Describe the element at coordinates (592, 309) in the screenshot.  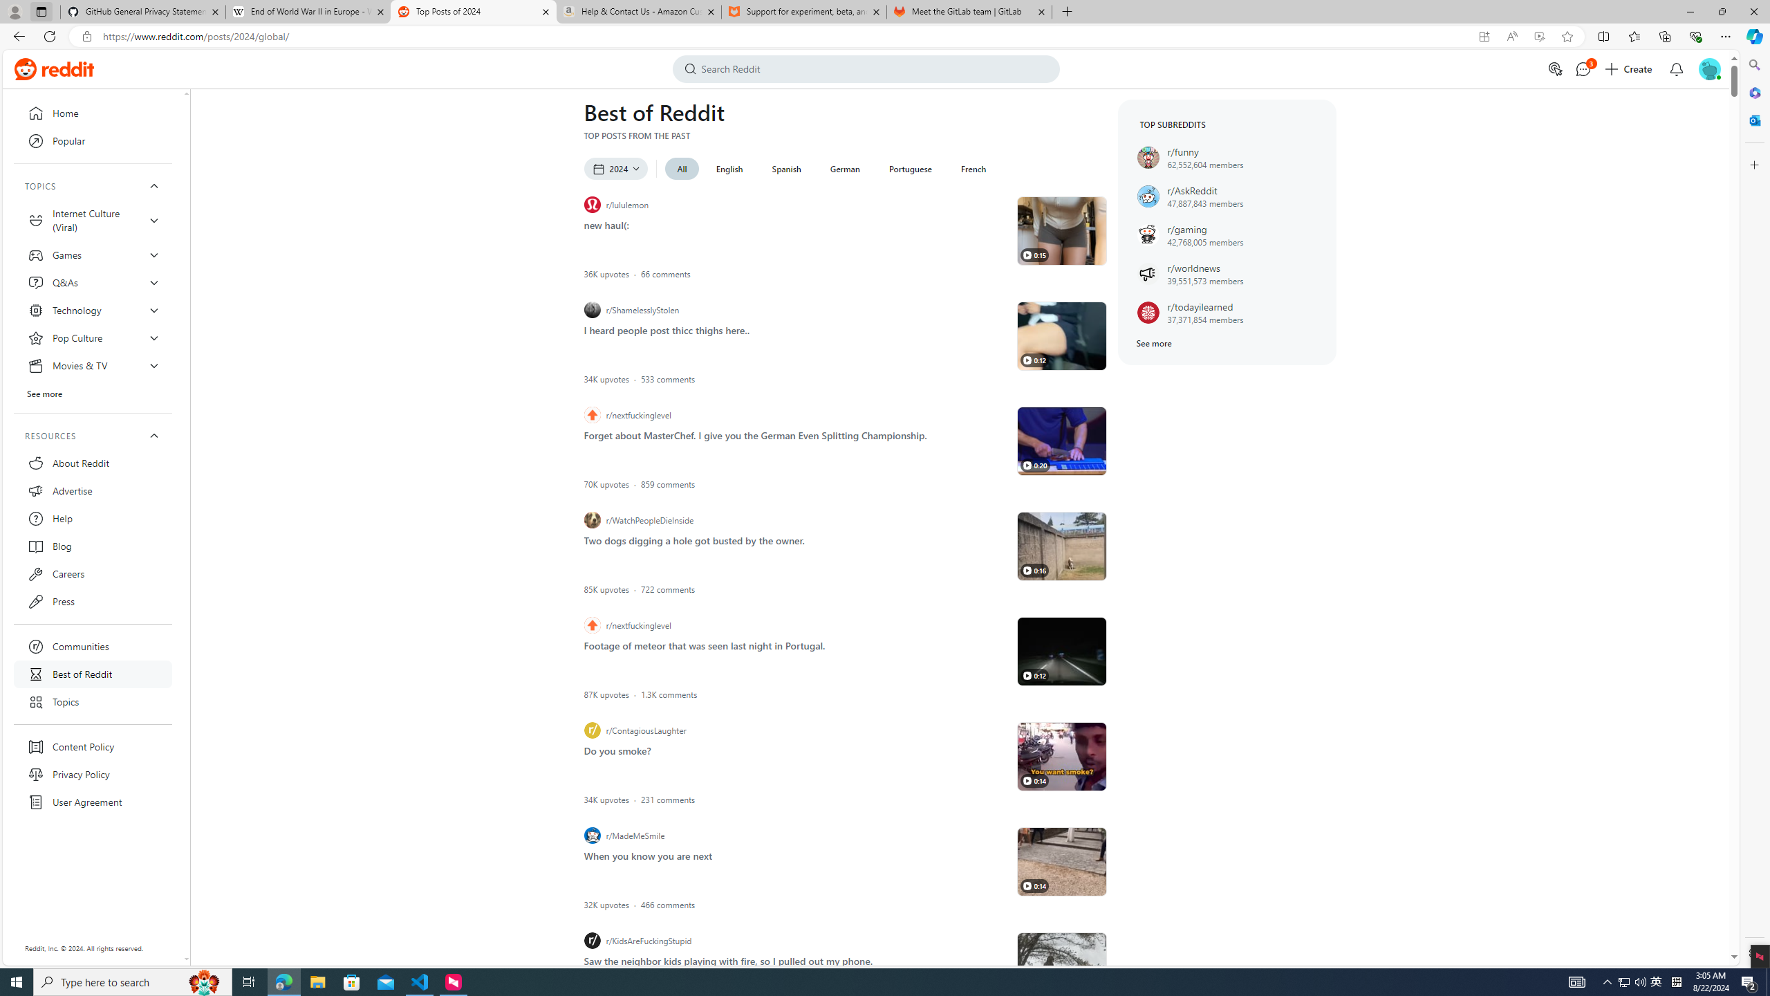
I see `'r/ShamelesslyStolen icon'` at that location.